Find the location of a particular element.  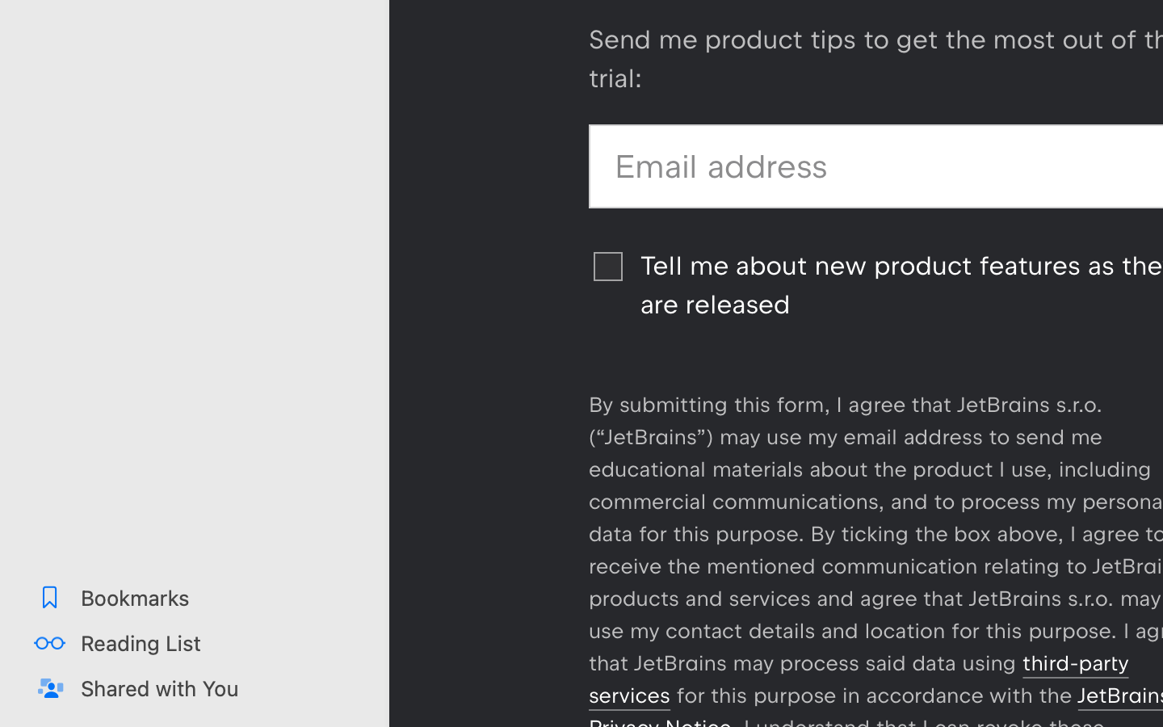

'for this purpose in accordance with the' is located at coordinates (874, 695).